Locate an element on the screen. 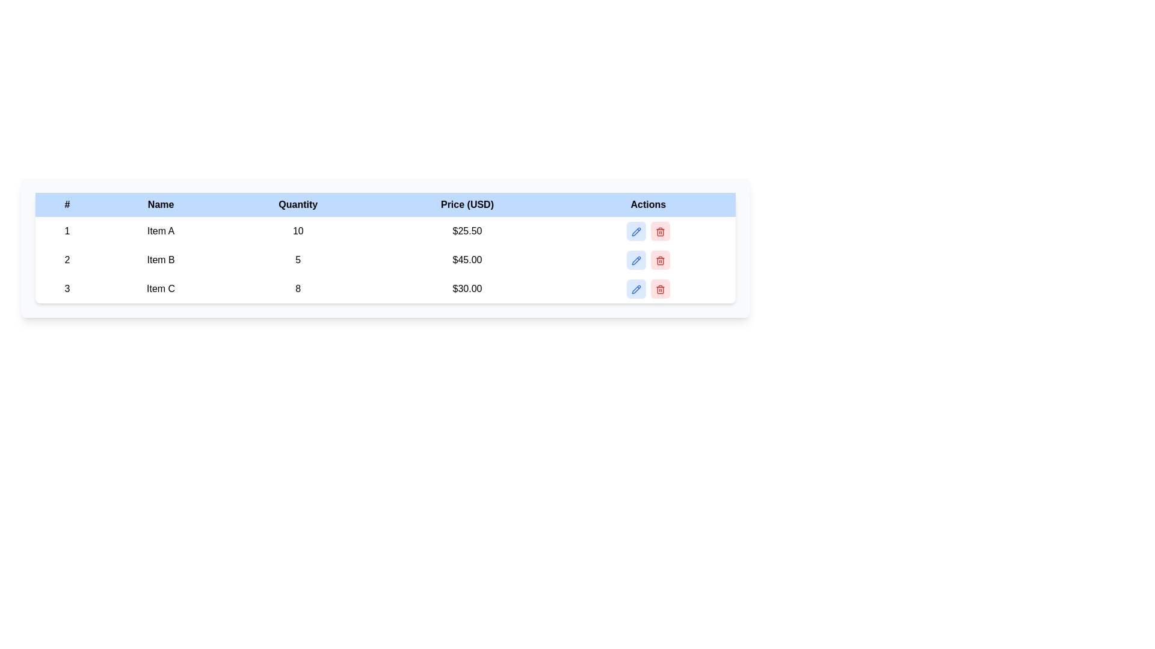 The image size is (1155, 649). the text label 'Item B' located in the second row under the 'Name' column of the table, which is positioned between '2' and '5' is located at coordinates (160, 259).